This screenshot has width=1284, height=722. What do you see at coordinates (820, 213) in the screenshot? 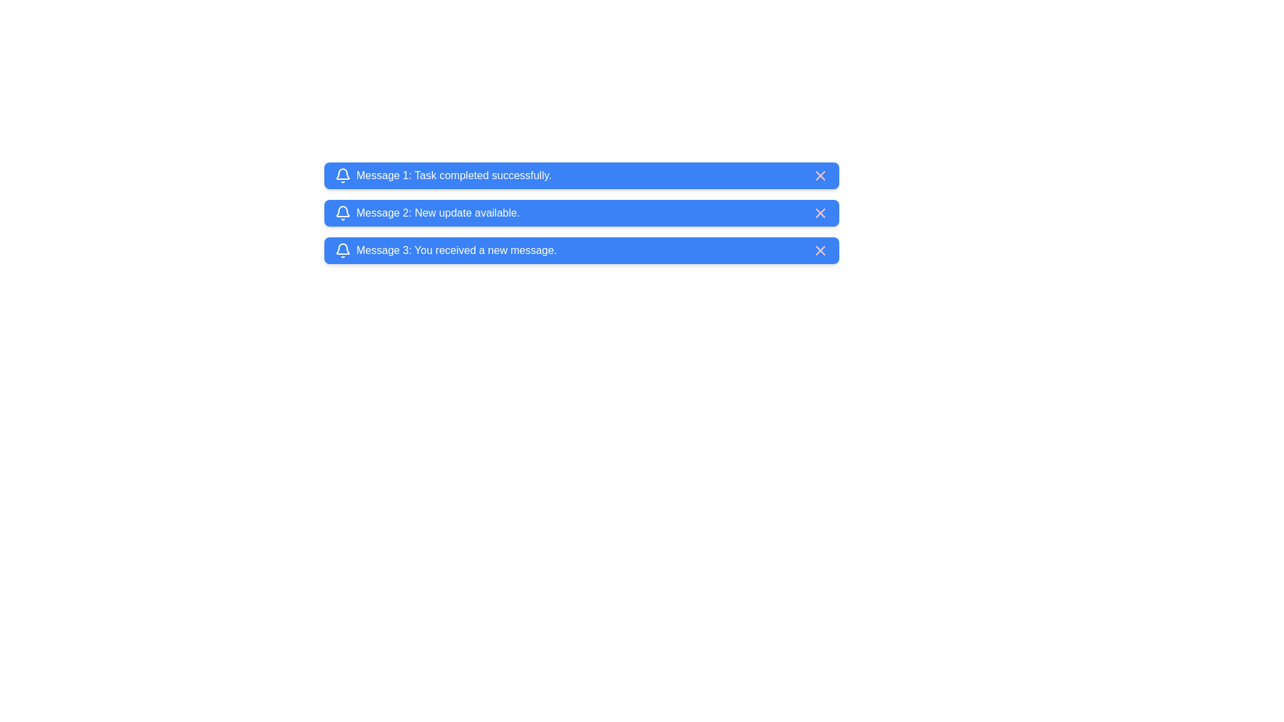
I see `the close button located to the far right of the second notification bar, next to the label 'Message 2: New update available'` at bounding box center [820, 213].